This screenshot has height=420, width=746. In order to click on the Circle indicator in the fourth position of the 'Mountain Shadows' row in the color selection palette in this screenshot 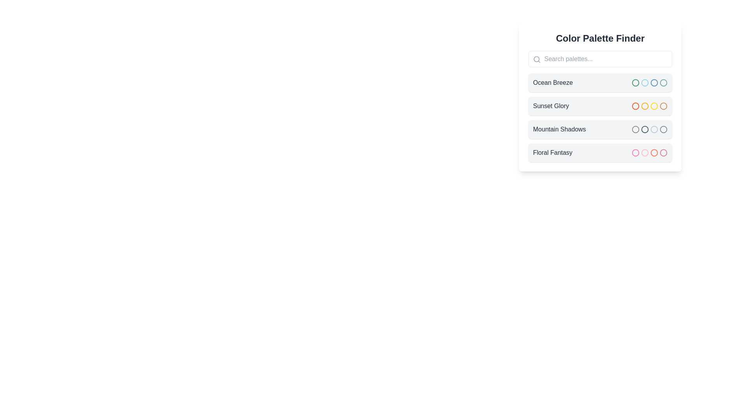, I will do `click(654, 129)`.